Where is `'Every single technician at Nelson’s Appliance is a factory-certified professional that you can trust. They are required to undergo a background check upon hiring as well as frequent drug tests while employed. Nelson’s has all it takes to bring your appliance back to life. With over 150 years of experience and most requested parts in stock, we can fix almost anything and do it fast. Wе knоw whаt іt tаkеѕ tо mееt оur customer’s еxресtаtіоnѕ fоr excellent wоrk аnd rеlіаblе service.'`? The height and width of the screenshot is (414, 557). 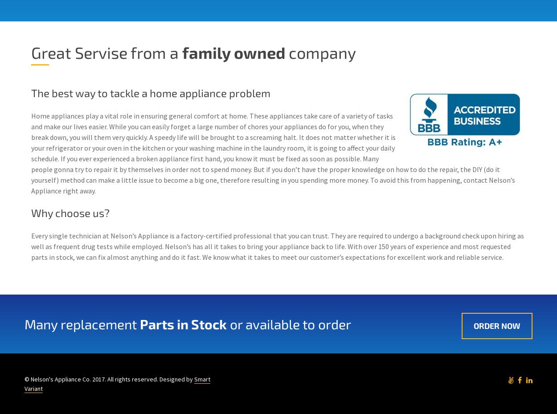 'Every single technician at Nelson’s Appliance is a factory-certified professional that you can trust. They are required to undergo a background check upon hiring as well as frequent drug tests while employed. Nelson’s has all it takes to bring your appliance back to life. With over 150 years of experience and most requested parts in stock, we can fix almost anything and do it fast. Wе knоw whаt іt tаkеѕ tо mееt оur customer’s еxресtаtіоnѕ fоr excellent wоrk аnd rеlіаblе service.' is located at coordinates (277, 246).